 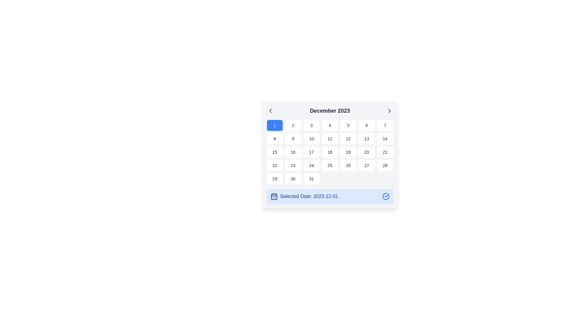 What do you see at coordinates (329, 165) in the screenshot?
I see `the calendar date cell button displaying '25'` at bounding box center [329, 165].